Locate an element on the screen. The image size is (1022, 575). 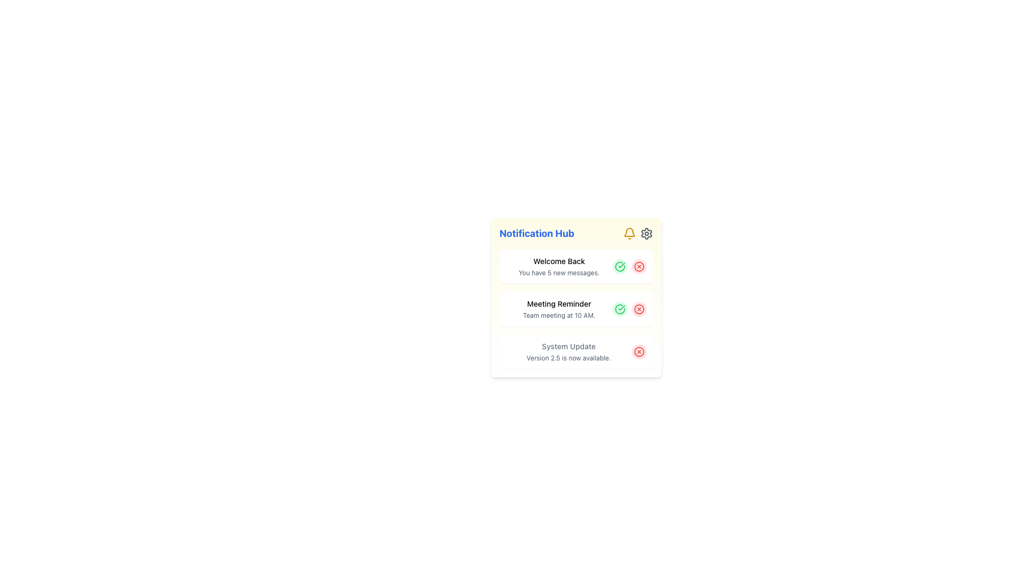
the small green circular button with a checkmark icon, located to the right of the text 'Welcome Back', to confirm the notification is located at coordinates (620, 266).